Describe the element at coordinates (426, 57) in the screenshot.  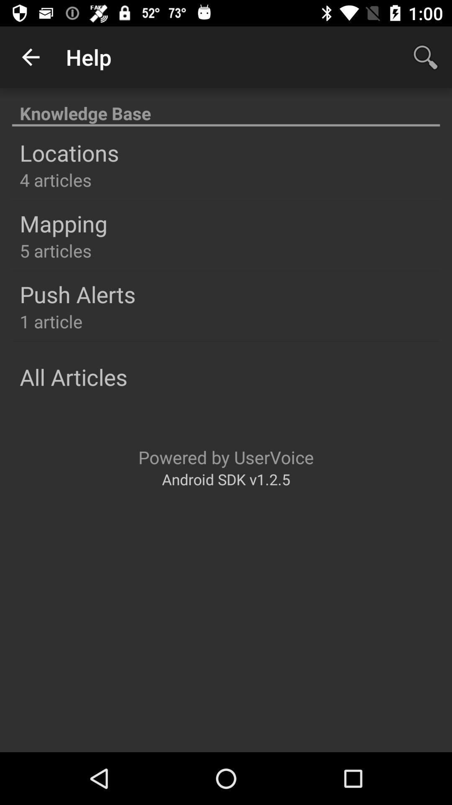
I see `the item next to help item` at that location.